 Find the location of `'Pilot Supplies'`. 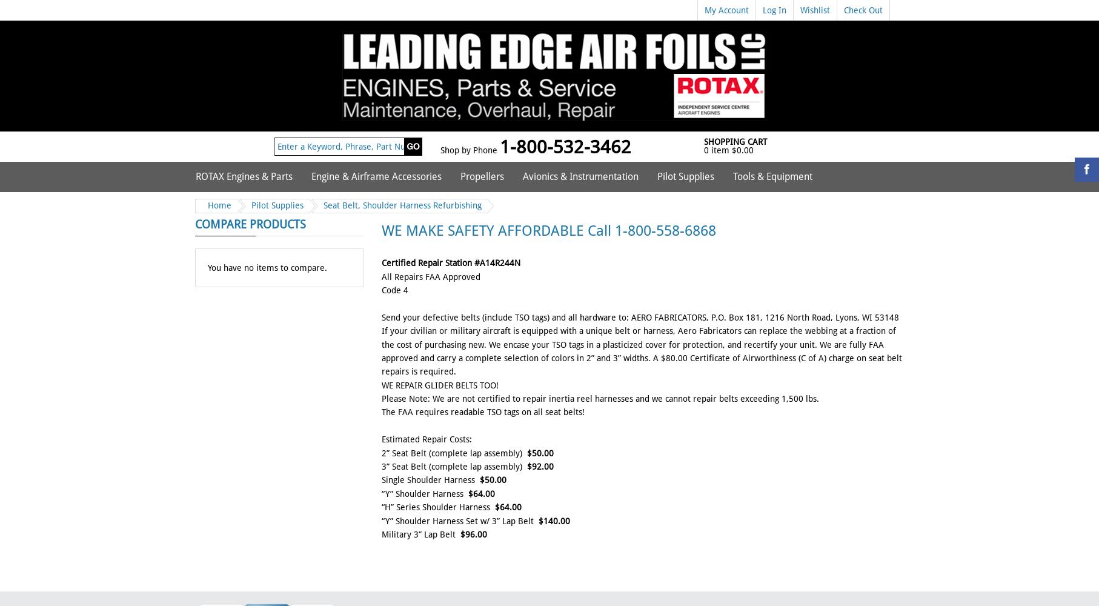

'Pilot Supplies' is located at coordinates (685, 176).